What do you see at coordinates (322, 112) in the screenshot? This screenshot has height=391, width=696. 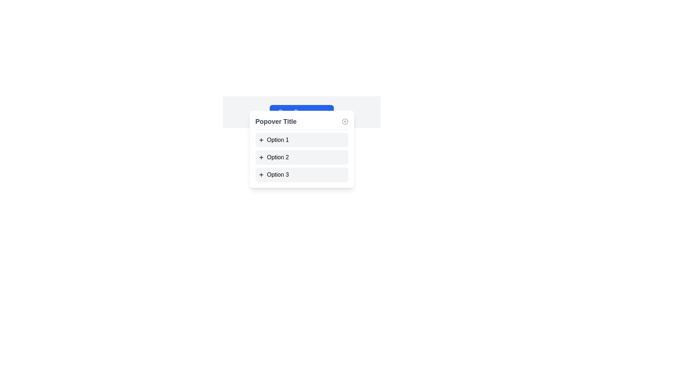 I see `the chevron icon located inside the 'Open Popover' button, which indicates that the button can be clicked to expand or reveal additional options` at bounding box center [322, 112].